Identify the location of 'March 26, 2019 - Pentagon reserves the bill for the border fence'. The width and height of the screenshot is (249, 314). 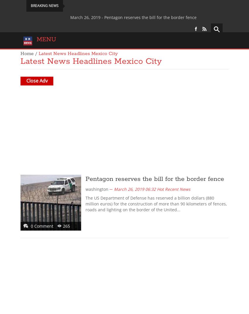
(101, 17).